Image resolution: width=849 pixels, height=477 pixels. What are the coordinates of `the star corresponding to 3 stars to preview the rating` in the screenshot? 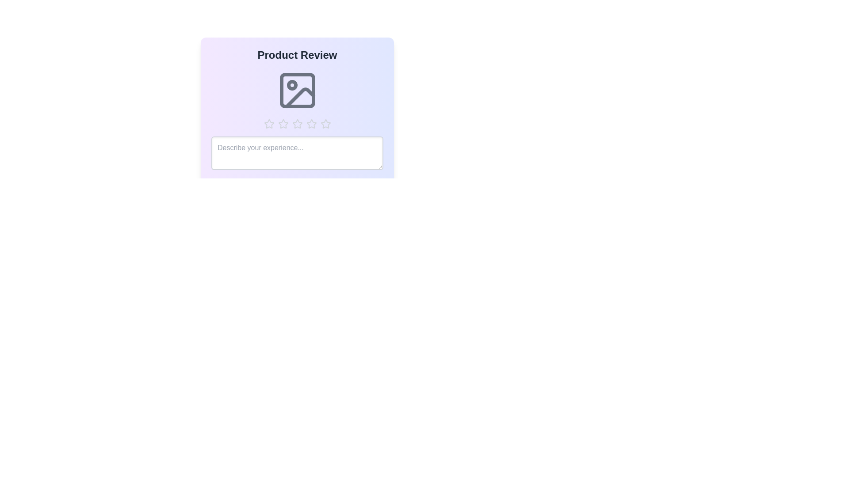 It's located at (297, 124).